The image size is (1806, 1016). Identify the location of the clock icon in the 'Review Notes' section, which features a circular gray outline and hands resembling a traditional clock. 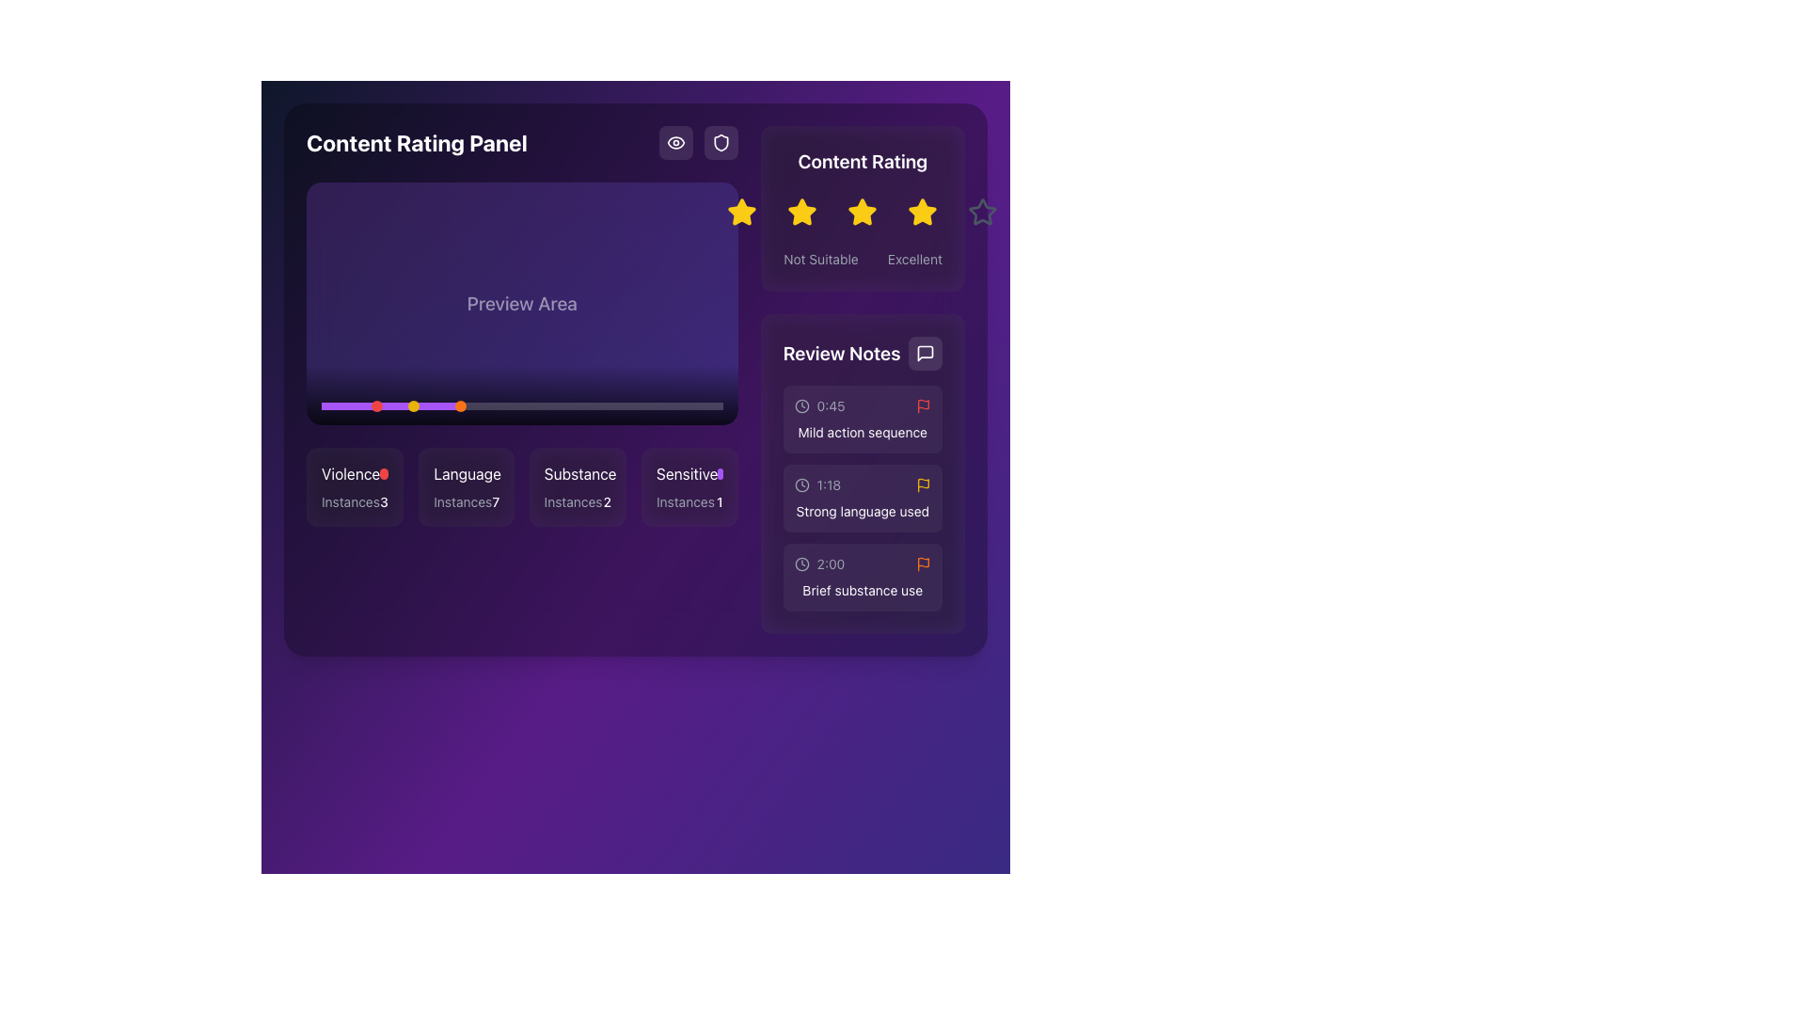
(801, 564).